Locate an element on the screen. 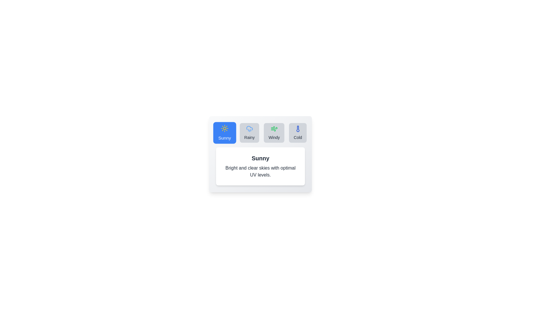 The image size is (556, 312). the Sunny tab to view its content is located at coordinates (224, 133).